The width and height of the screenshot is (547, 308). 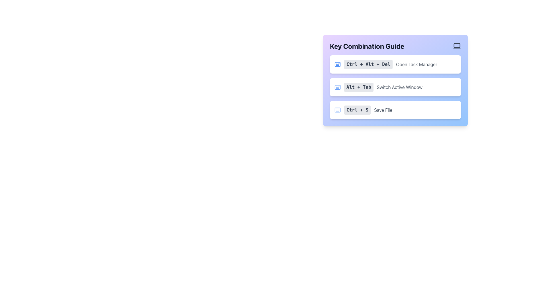 What do you see at coordinates (395, 64) in the screenshot?
I see `information displayed on the first Information Card in the 'Key Combination Guide' section, which shows 'Ctrl + Alt + Del' and 'Open Task Manager'` at bounding box center [395, 64].